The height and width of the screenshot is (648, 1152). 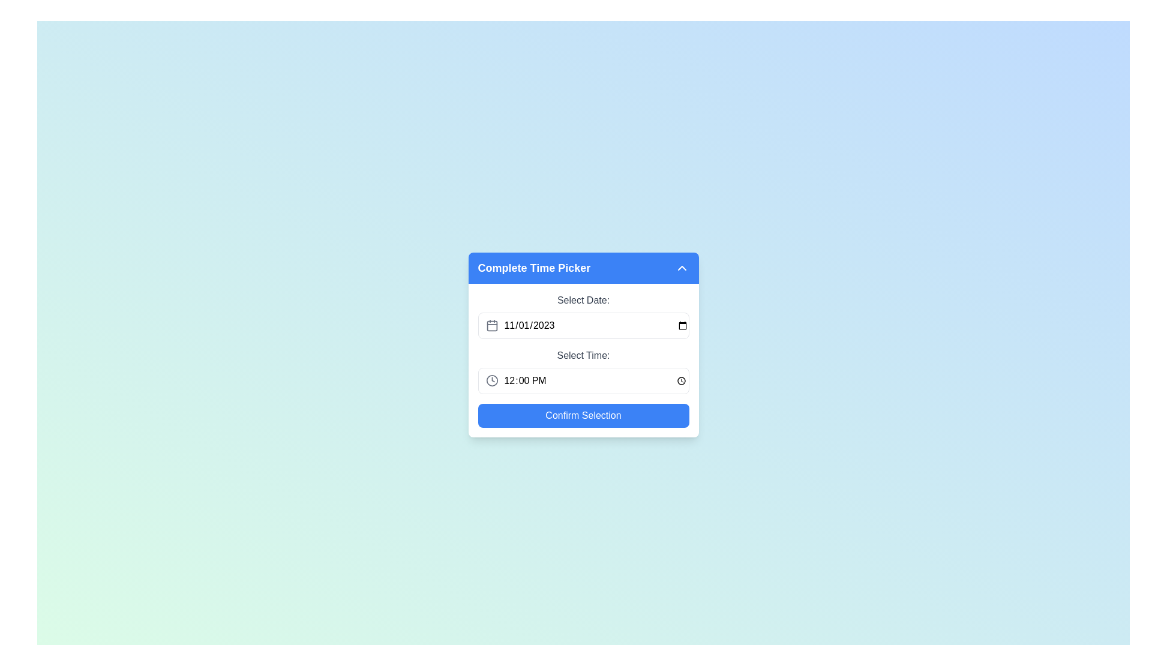 What do you see at coordinates (583, 415) in the screenshot?
I see `the 'Confirm Selection' button which has a blue background and white text, located at the bottom of the form interface, to confirm the selection` at bounding box center [583, 415].